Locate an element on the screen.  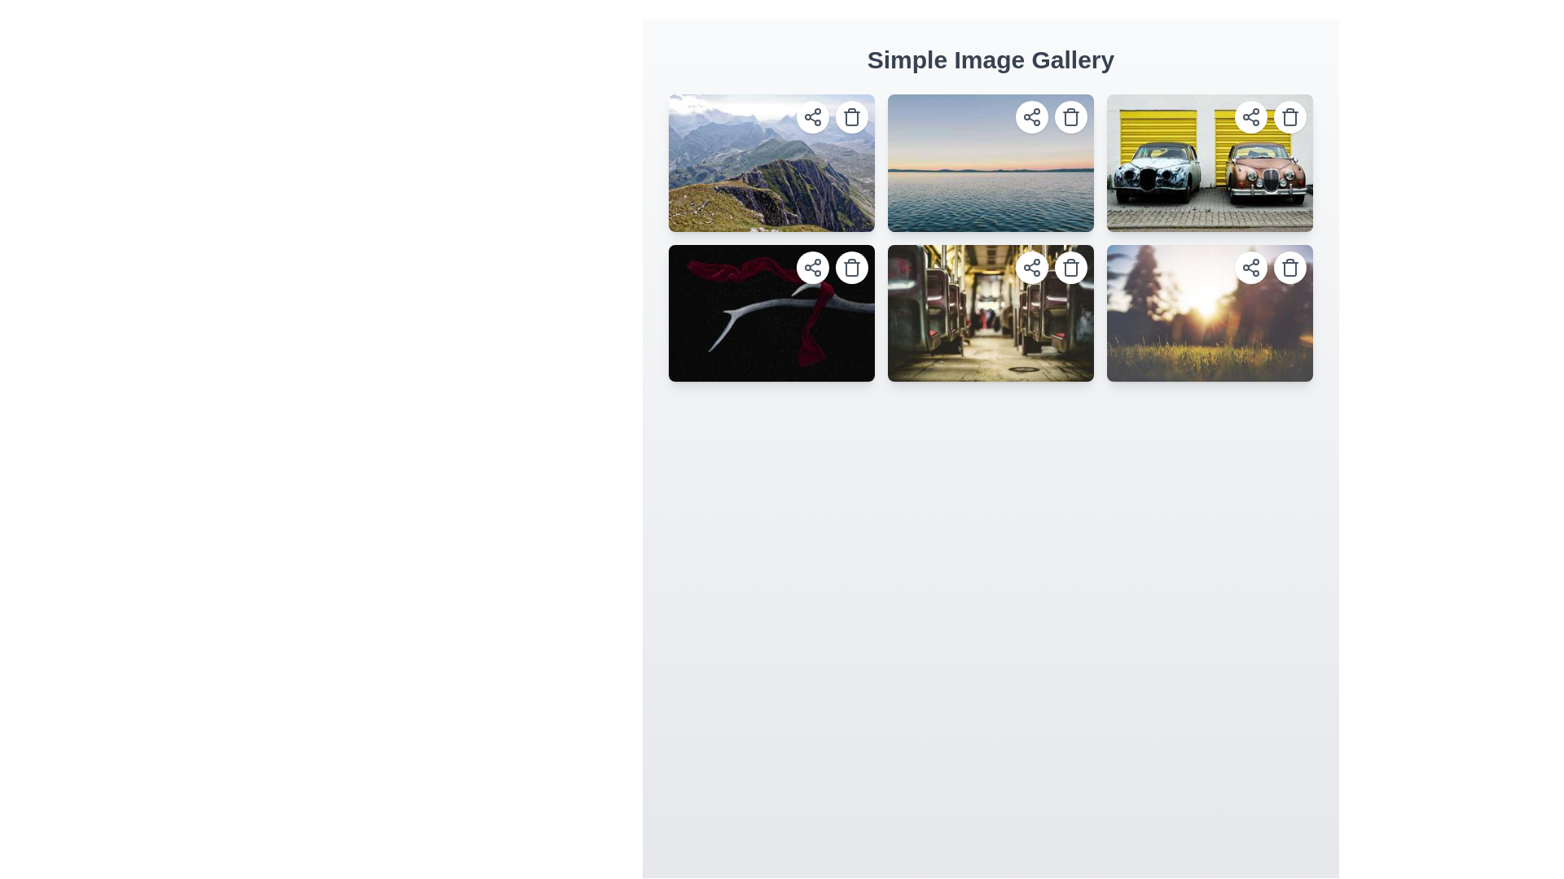
the circular button with a white background and a share icon located in the top-right corner of the second image in the grid is located at coordinates (1031, 116).